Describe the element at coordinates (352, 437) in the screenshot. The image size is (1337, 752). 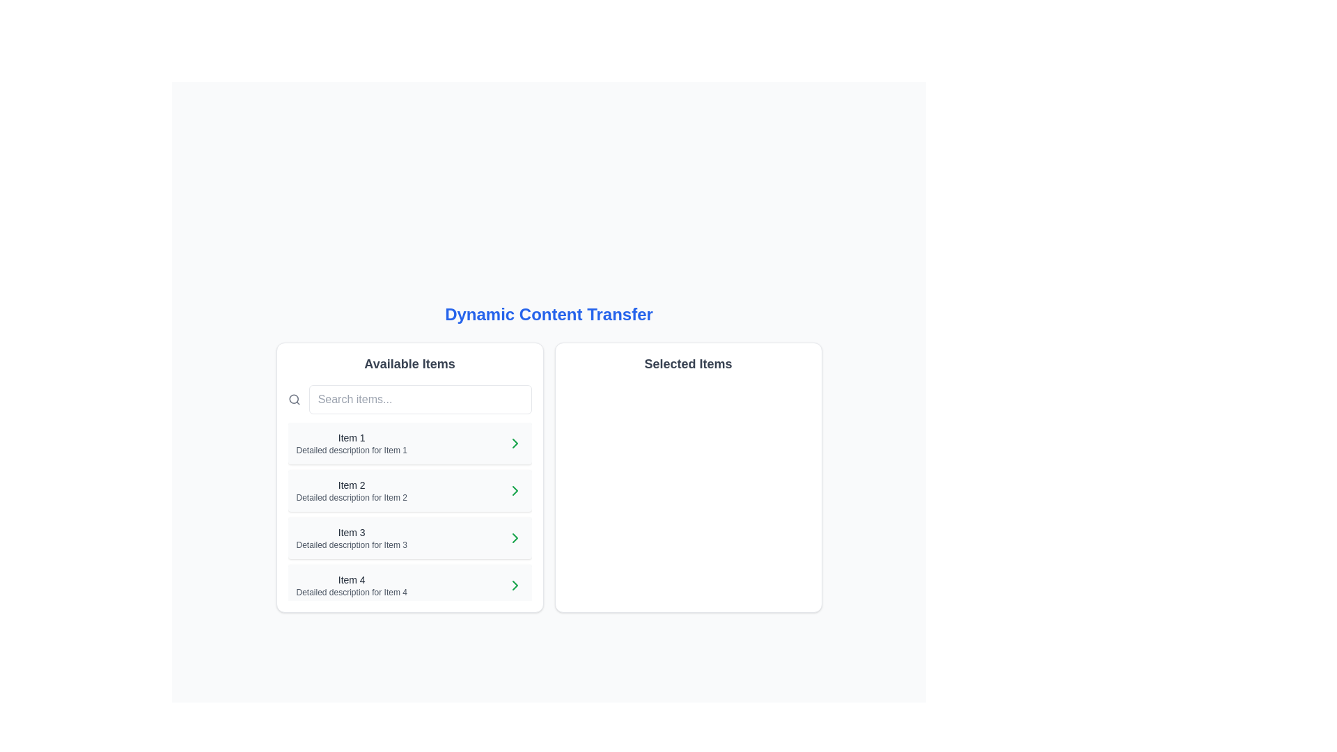
I see `text of the label located above the 'Detailed description for Item 1' in the first card of the 'Available Items' section` at that location.